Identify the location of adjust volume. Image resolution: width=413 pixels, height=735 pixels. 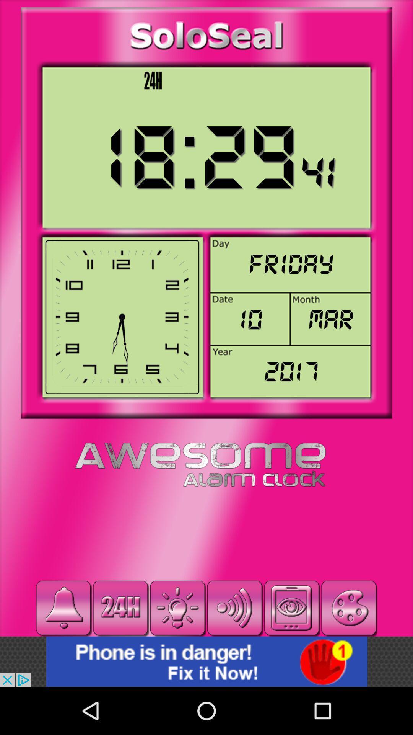
(234, 608).